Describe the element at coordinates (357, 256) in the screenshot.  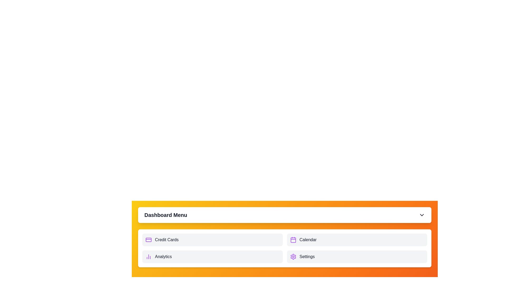
I see `the menu item Settings to activate its hover effect` at that location.